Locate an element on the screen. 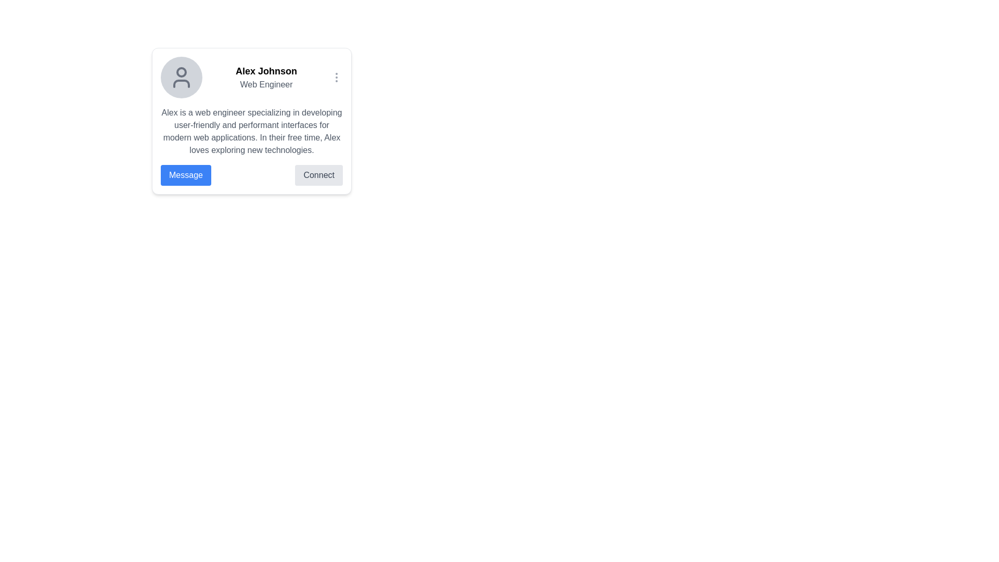  the text label displaying the name 'Alex Johnson', which is positioned above the text 'Web Engineer' in the card layout is located at coordinates (266, 71).